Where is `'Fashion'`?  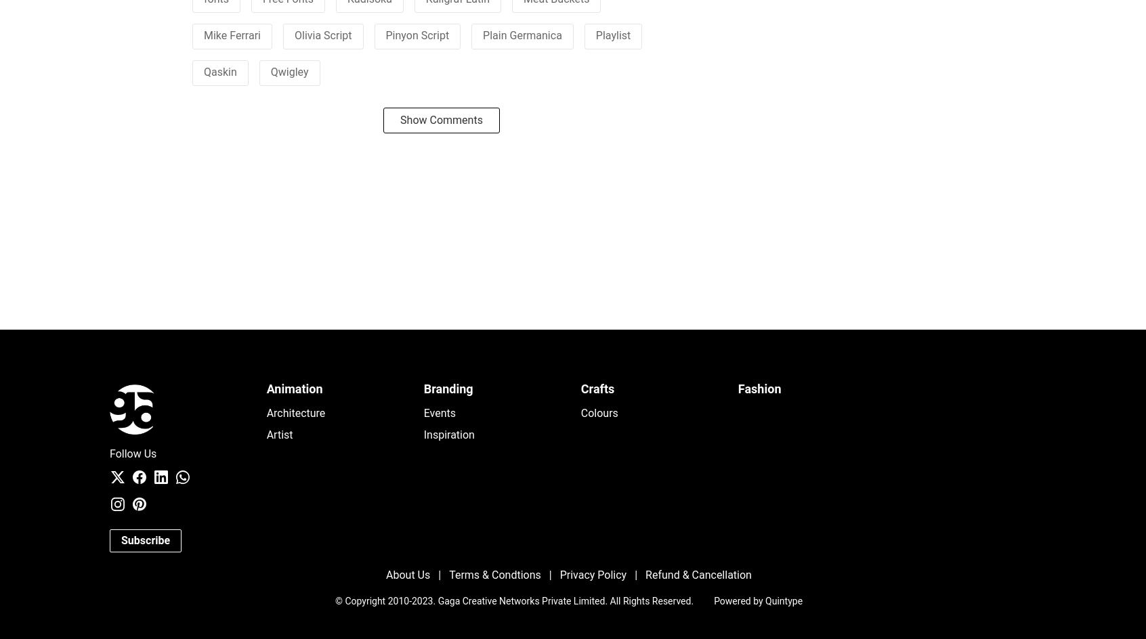 'Fashion' is located at coordinates (737, 388).